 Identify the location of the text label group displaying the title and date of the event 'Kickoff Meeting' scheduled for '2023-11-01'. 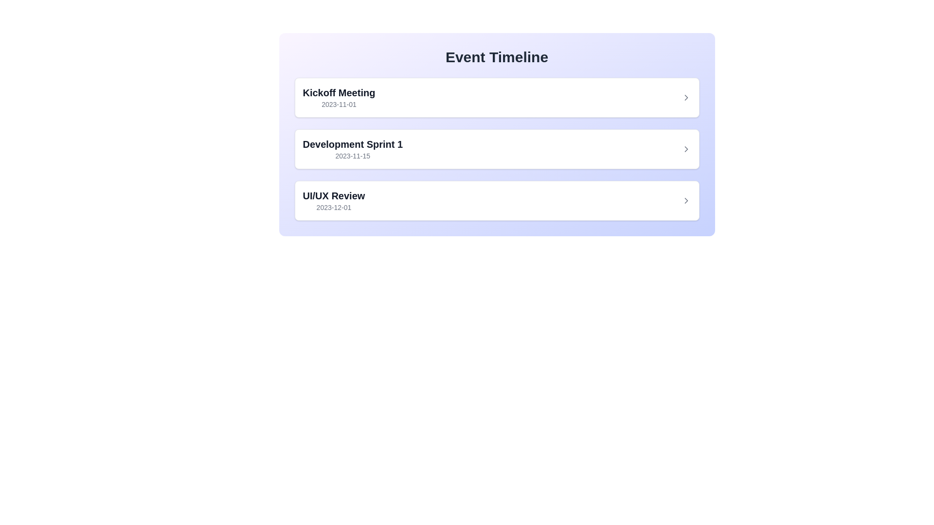
(339, 97).